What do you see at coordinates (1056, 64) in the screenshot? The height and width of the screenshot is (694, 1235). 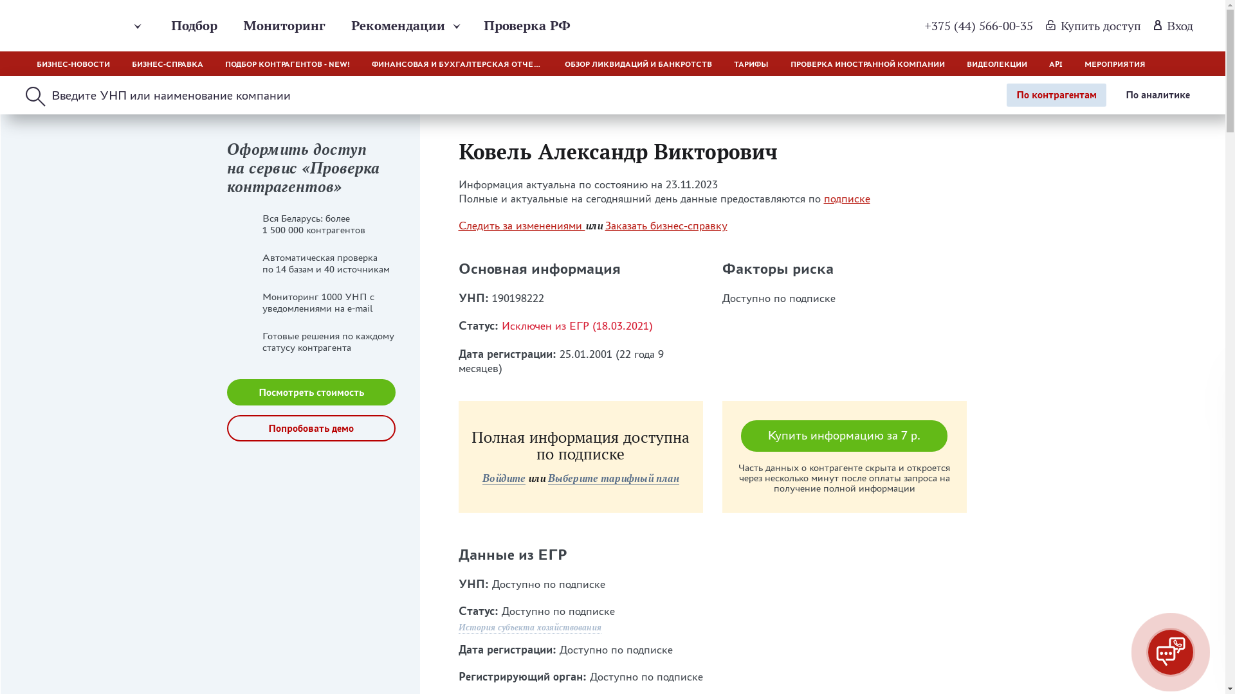 I see `'API'` at bounding box center [1056, 64].